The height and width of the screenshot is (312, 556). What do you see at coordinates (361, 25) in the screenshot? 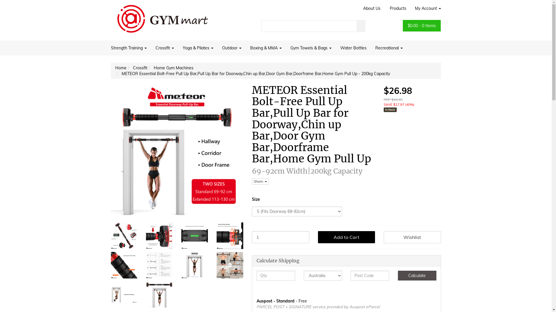
I see `'Search'` at bounding box center [361, 25].